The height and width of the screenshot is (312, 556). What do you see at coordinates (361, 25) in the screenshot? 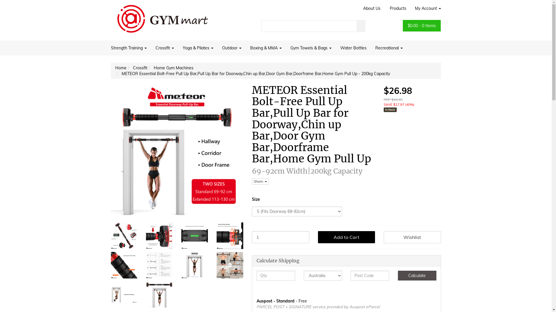
I see `'Search'` at bounding box center [361, 25].